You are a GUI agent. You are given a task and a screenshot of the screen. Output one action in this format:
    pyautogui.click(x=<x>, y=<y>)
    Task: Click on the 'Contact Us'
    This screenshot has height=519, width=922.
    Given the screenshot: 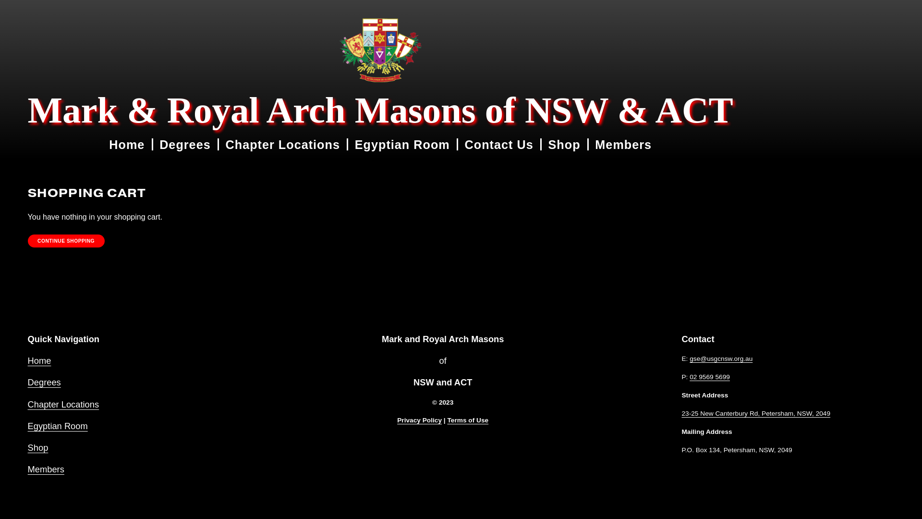 What is the action you would take?
    pyautogui.click(x=499, y=144)
    